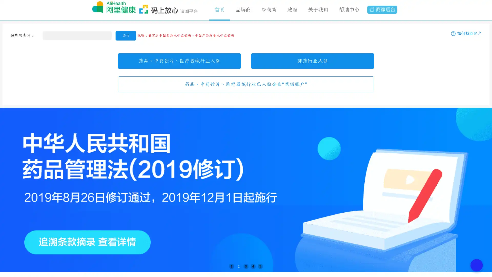 Image resolution: width=492 pixels, height=277 pixels. I want to click on Go to slide 2, so click(238, 266).